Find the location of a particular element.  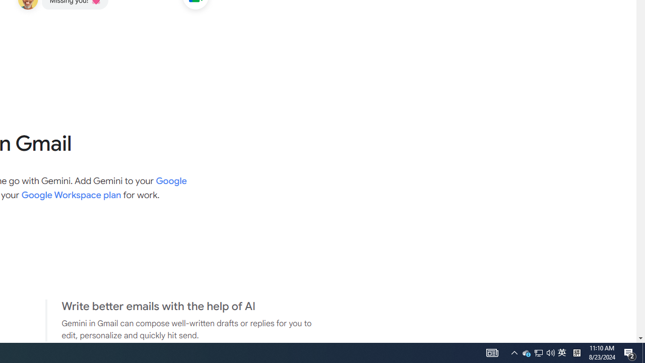

'User Promoted Notification Area' is located at coordinates (561, 352).